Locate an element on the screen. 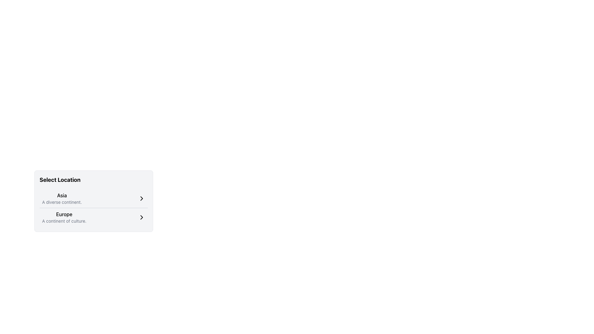 The width and height of the screenshot is (594, 334). the 'Europe' Text Label located beneath the 'Asia' option in the 'Select Location' panel is located at coordinates (64, 217).